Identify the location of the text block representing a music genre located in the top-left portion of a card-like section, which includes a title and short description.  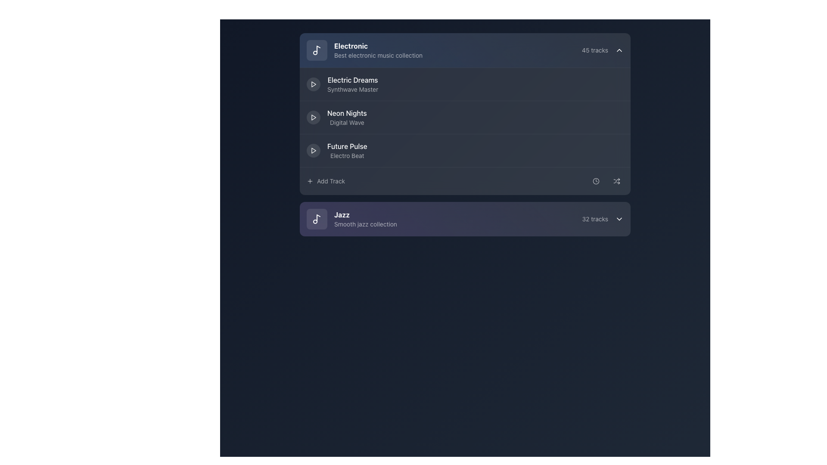
(378, 50).